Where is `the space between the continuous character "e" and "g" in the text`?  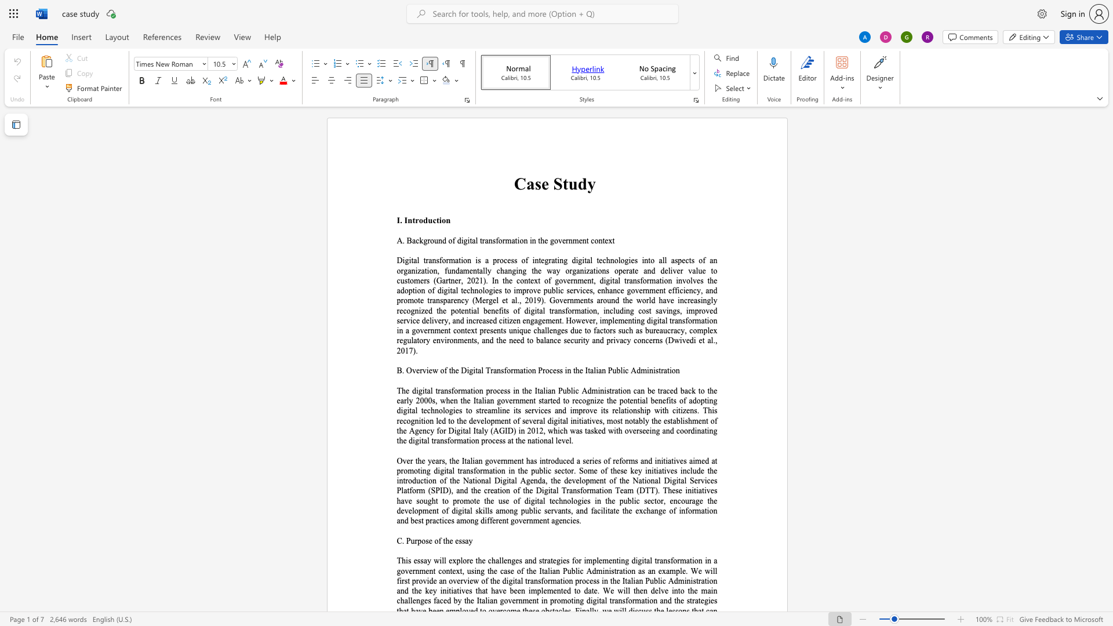
the space between the continuous character "e" and "g" in the text is located at coordinates (544, 260).